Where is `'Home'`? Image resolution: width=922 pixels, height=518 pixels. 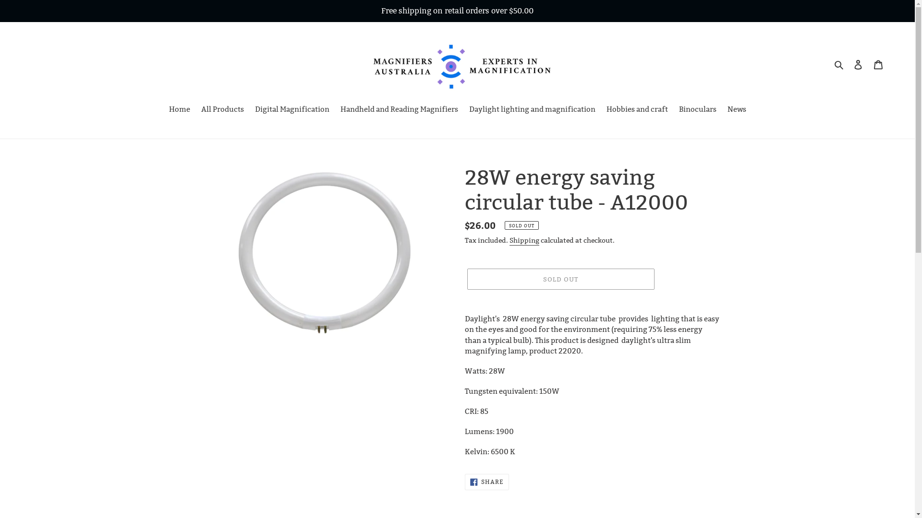
'Home' is located at coordinates (164, 110).